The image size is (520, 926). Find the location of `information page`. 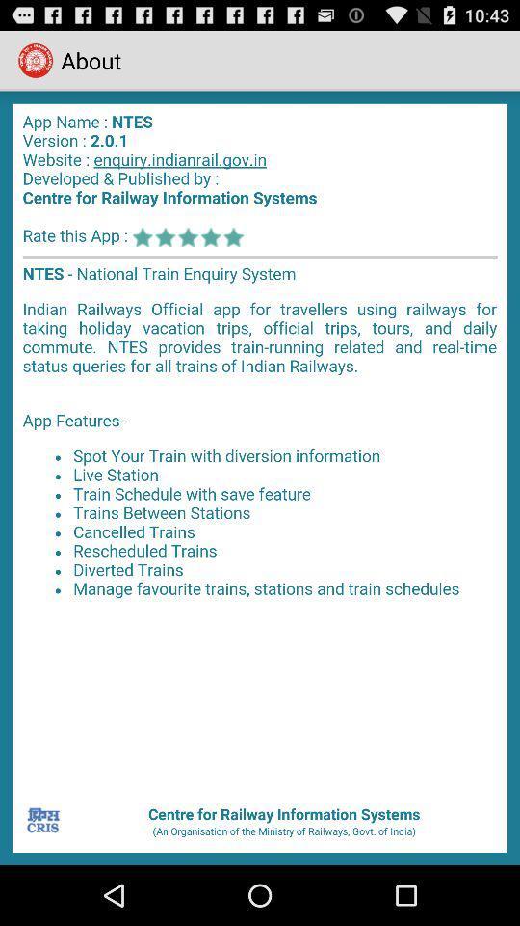

information page is located at coordinates (260, 446).